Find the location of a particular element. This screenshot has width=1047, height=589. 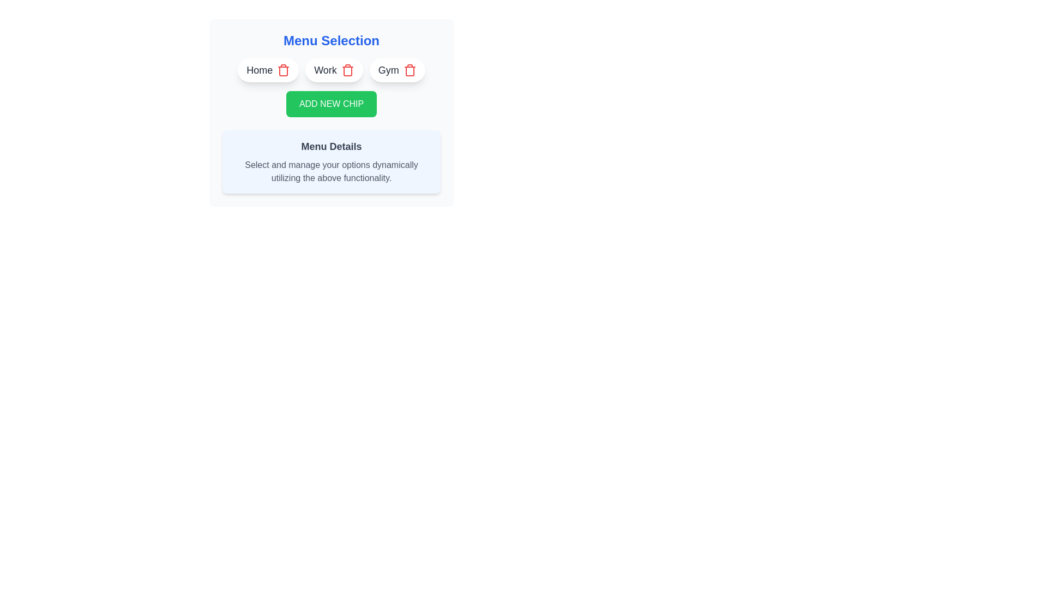

the 'Add new chip' button to add a new chip to the menu is located at coordinates (331, 104).